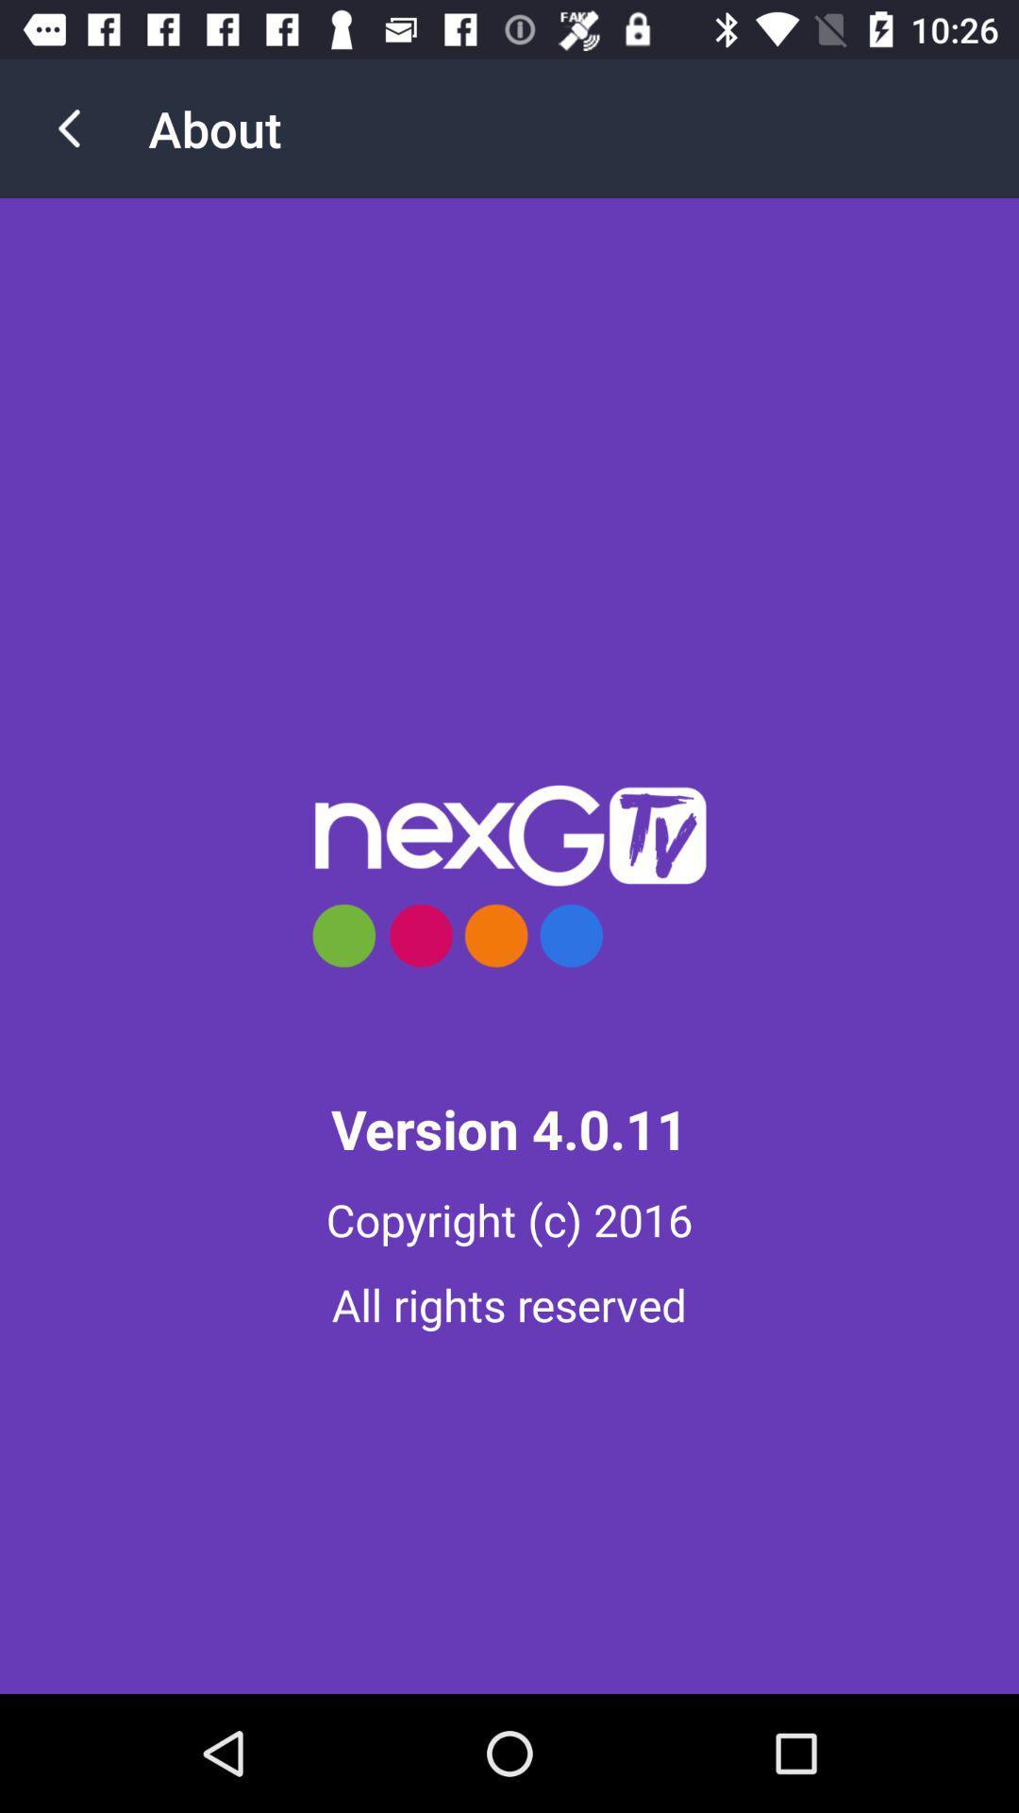 This screenshot has height=1813, width=1019. I want to click on return to previous, so click(68, 127).